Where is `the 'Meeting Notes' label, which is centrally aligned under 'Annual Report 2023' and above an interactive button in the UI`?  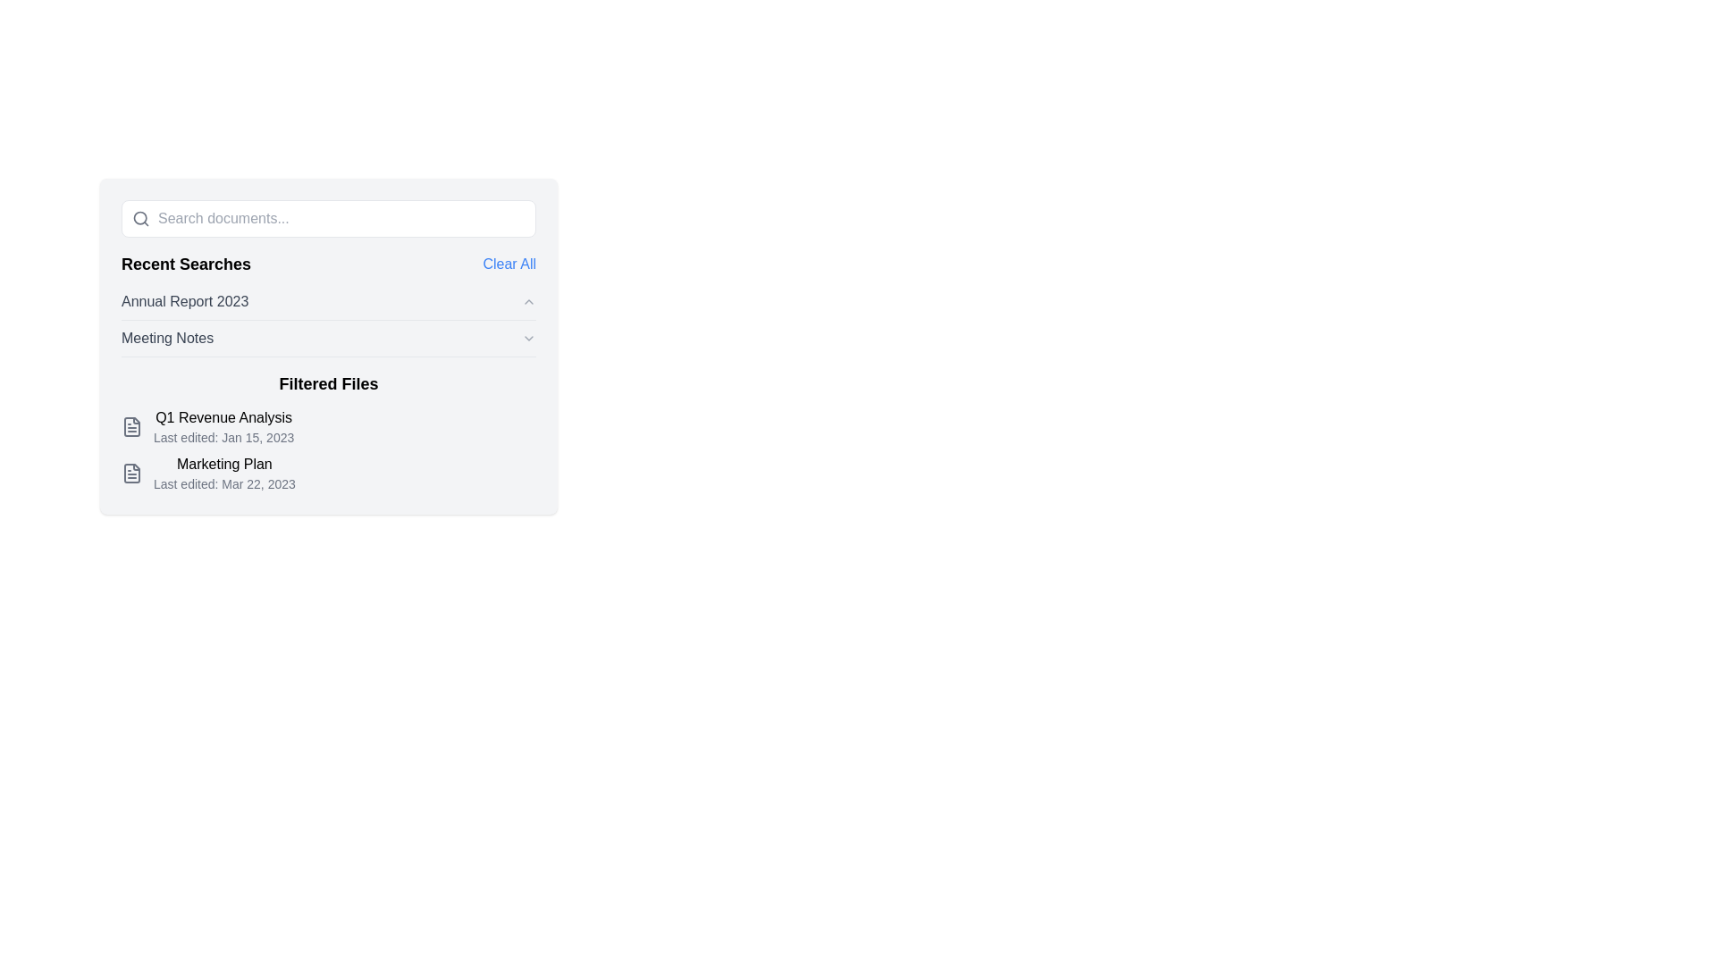 the 'Meeting Notes' label, which is centrally aligned under 'Annual Report 2023' and above an interactive button in the UI is located at coordinates (167, 338).